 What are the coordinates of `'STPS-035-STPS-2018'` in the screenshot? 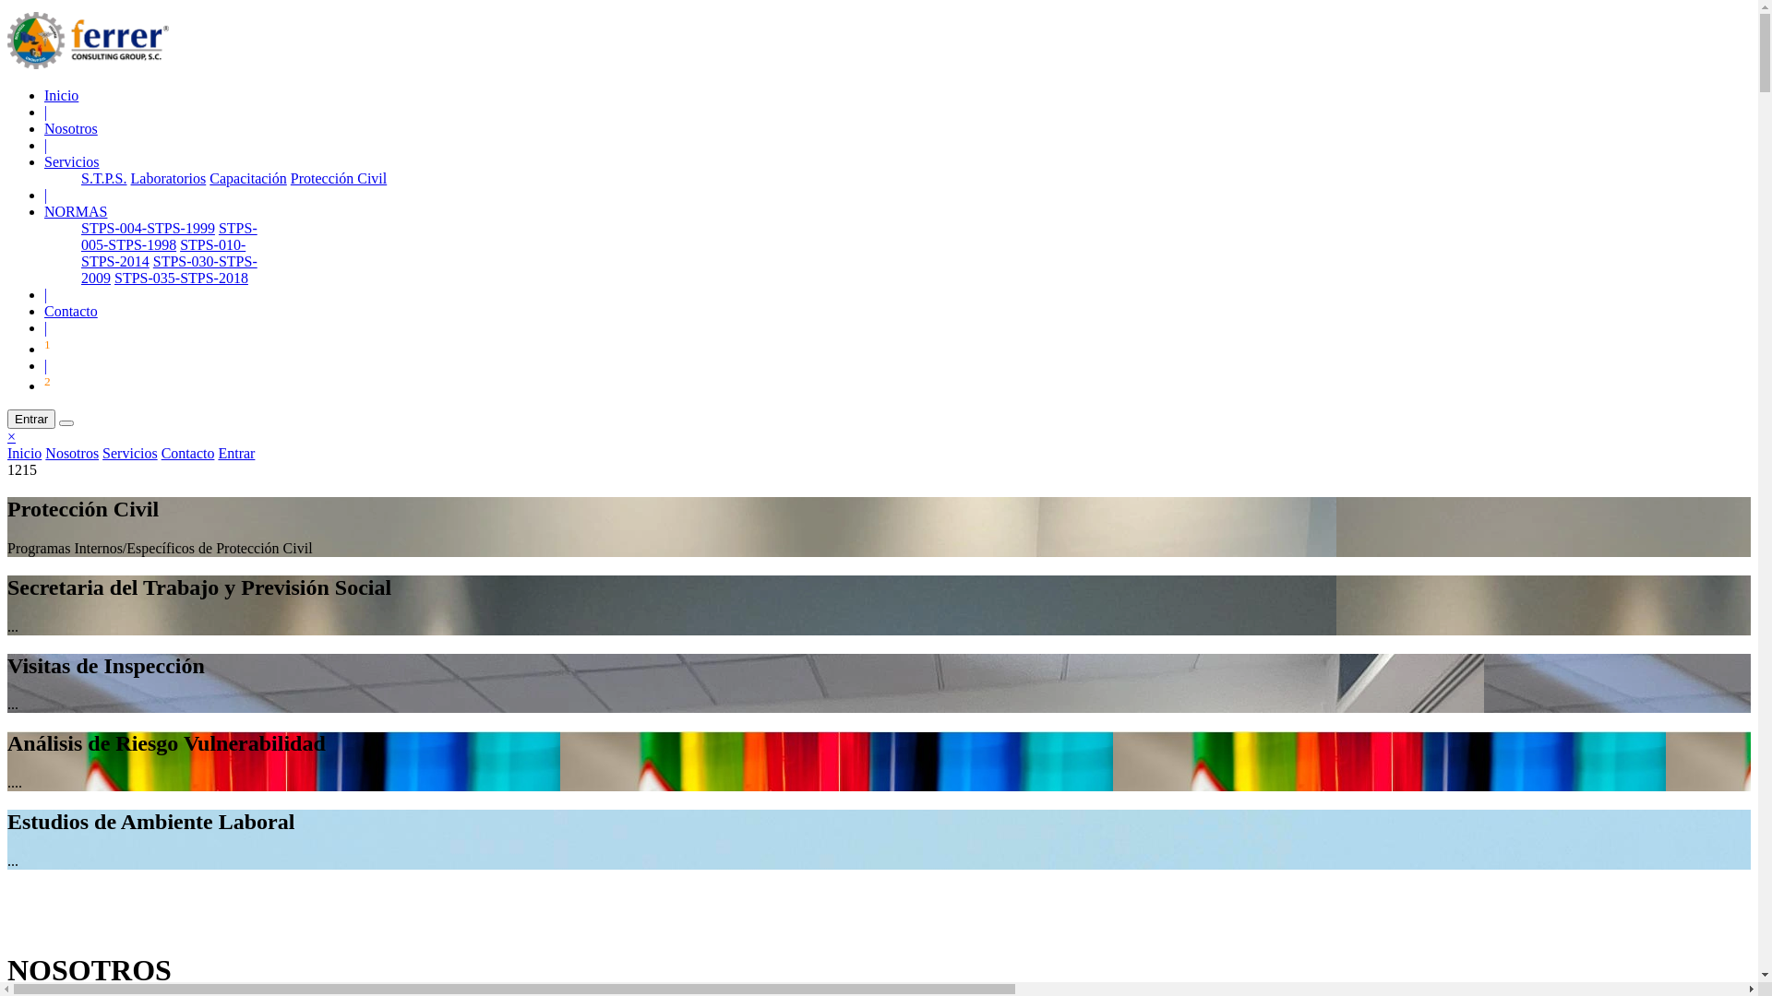 It's located at (114, 278).